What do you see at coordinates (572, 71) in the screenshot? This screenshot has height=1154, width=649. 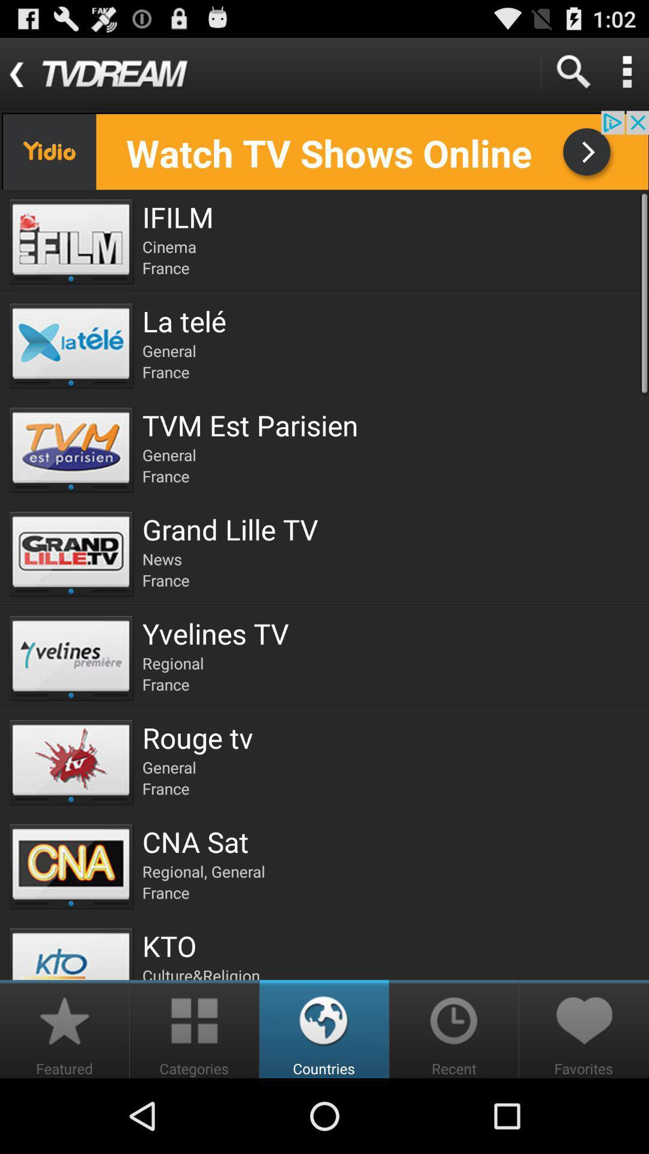 I see `search option` at bounding box center [572, 71].